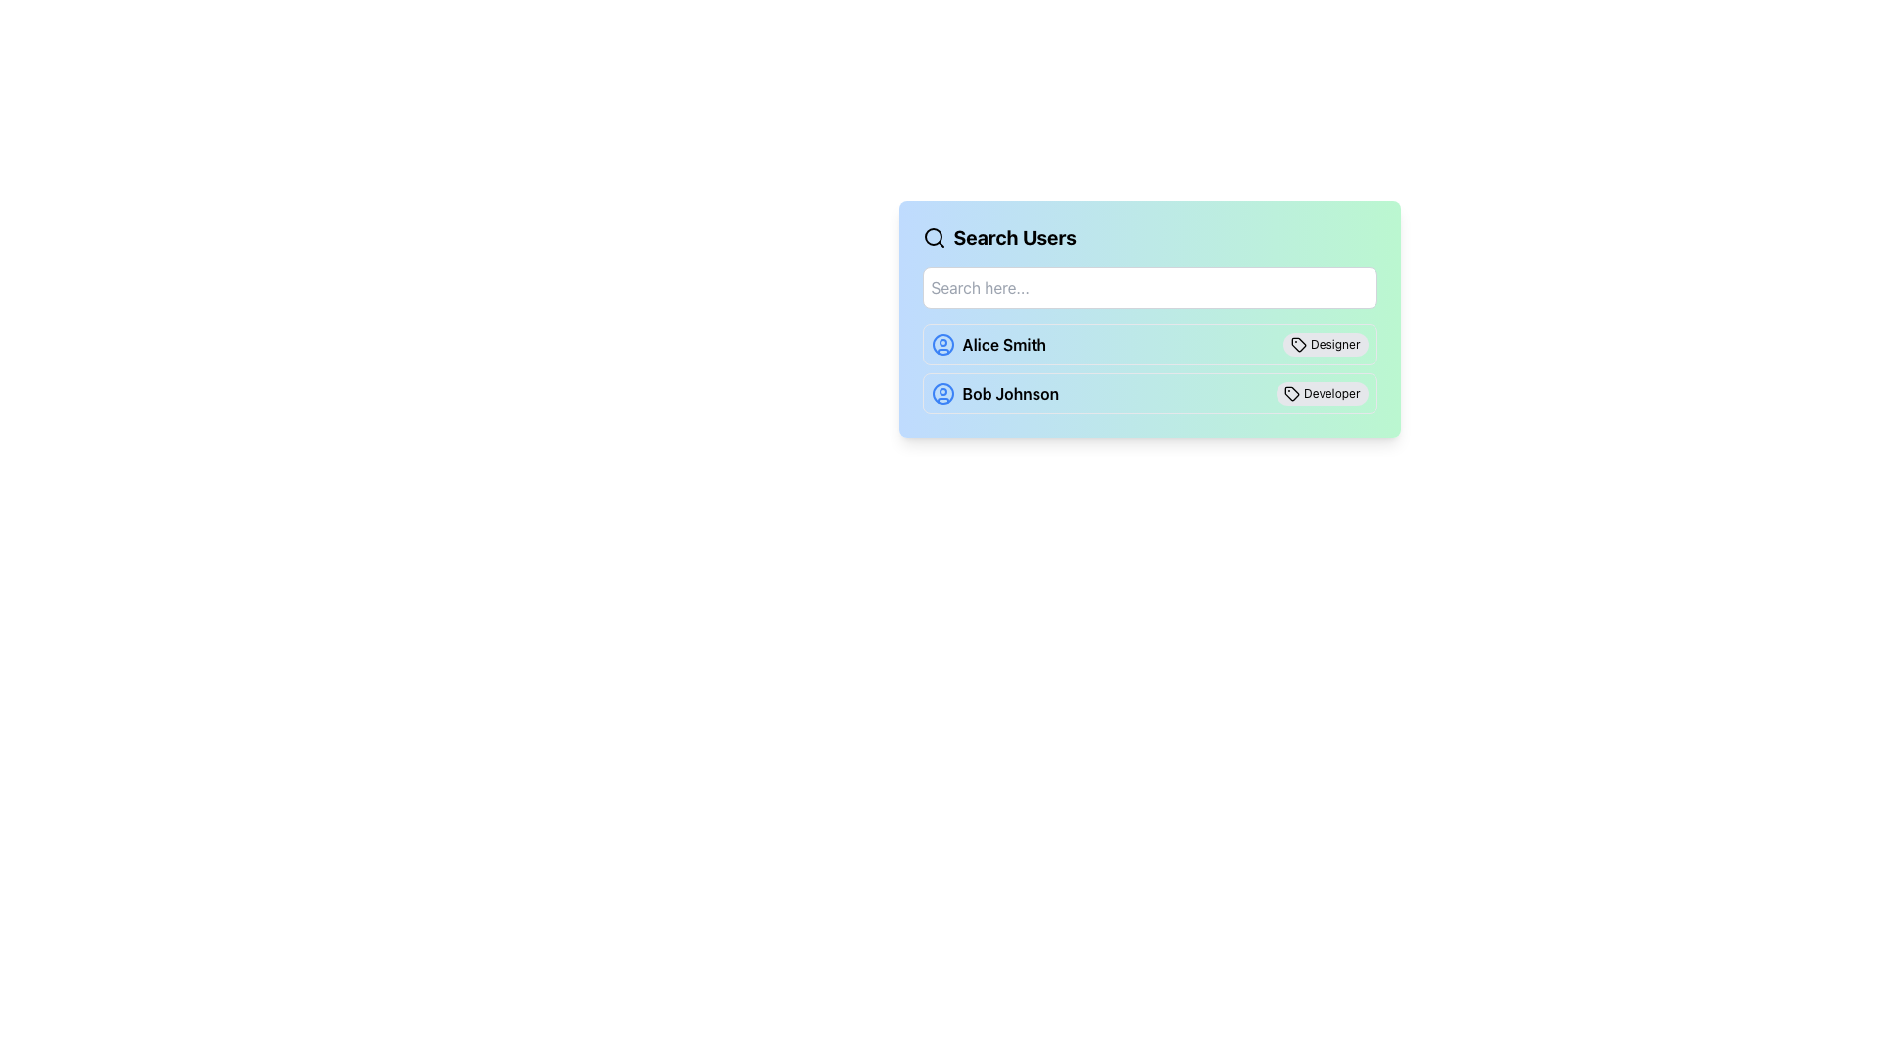 This screenshot has width=1881, height=1058. Describe the element at coordinates (942, 393) in the screenshot. I see `user profile icon, which is a circular blue icon with a silhouette inside, located to the left of the text 'Bob Johnson'` at that location.